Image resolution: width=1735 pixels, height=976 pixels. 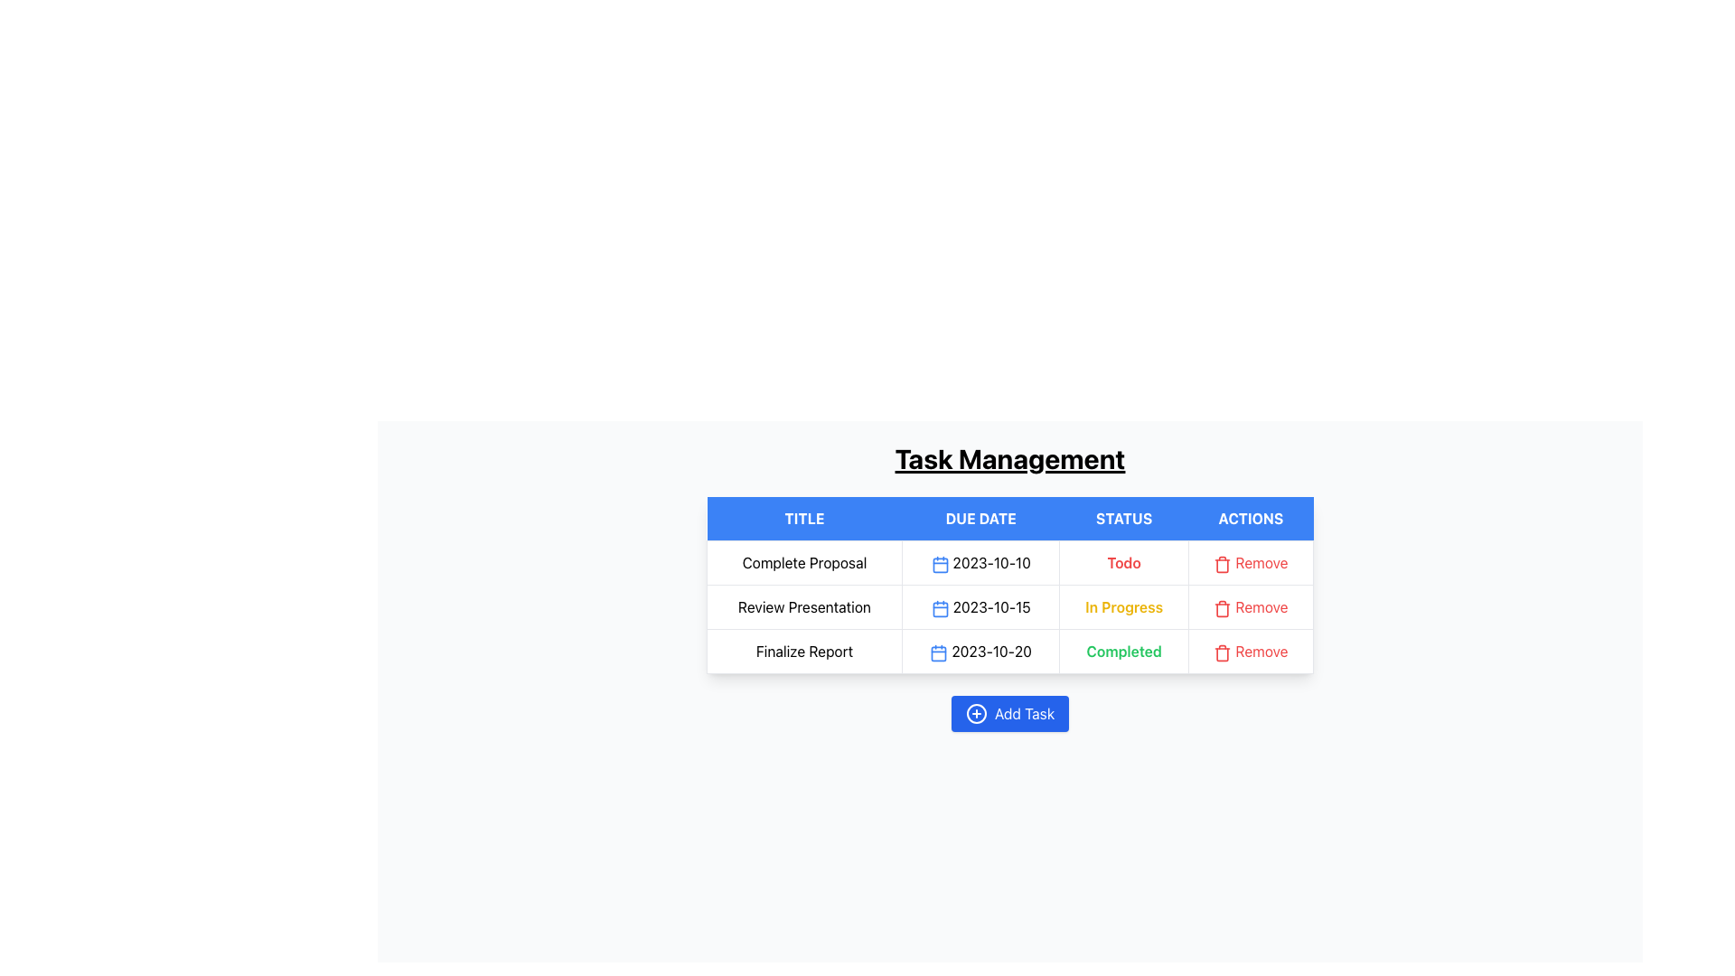 I want to click on task details from the second row of the task management table, which includes the task title, due date, and current status, so click(x=1009, y=606).